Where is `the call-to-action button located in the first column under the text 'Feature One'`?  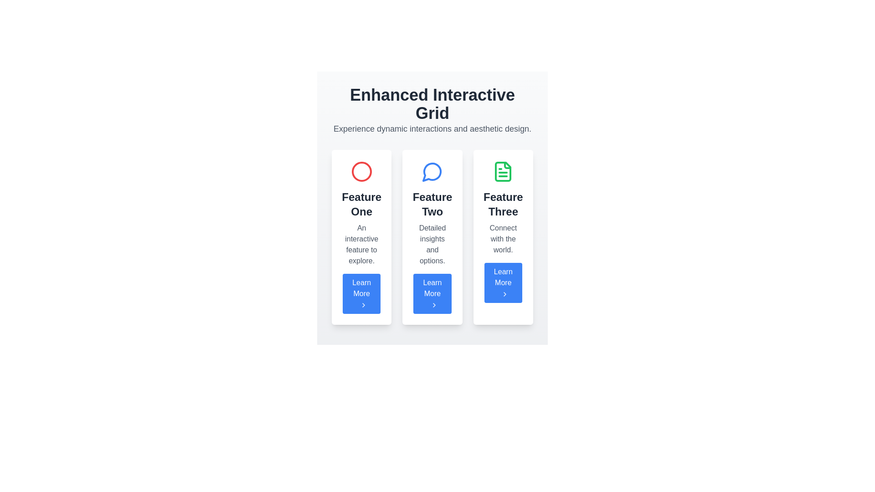
the call-to-action button located in the first column under the text 'Feature One' is located at coordinates (361, 293).